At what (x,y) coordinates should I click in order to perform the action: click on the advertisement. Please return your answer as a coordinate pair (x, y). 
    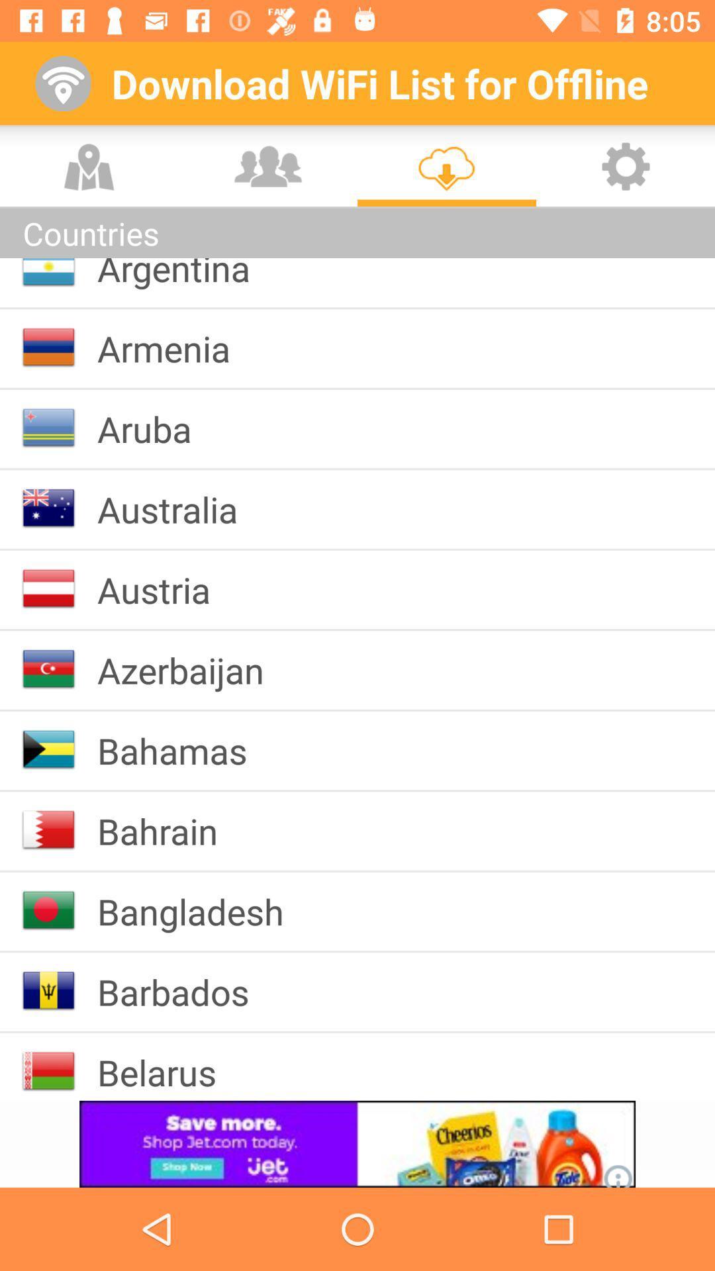
    Looking at the image, I should click on (358, 1143).